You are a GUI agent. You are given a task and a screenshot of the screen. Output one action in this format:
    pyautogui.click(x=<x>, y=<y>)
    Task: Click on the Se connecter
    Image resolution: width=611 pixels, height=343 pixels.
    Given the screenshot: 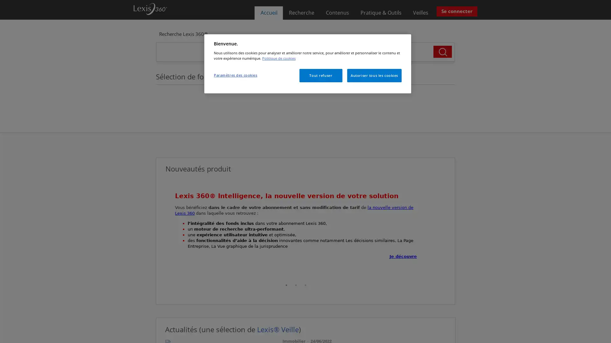 What is the action you would take?
    pyautogui.click(x=456, y=11)
    